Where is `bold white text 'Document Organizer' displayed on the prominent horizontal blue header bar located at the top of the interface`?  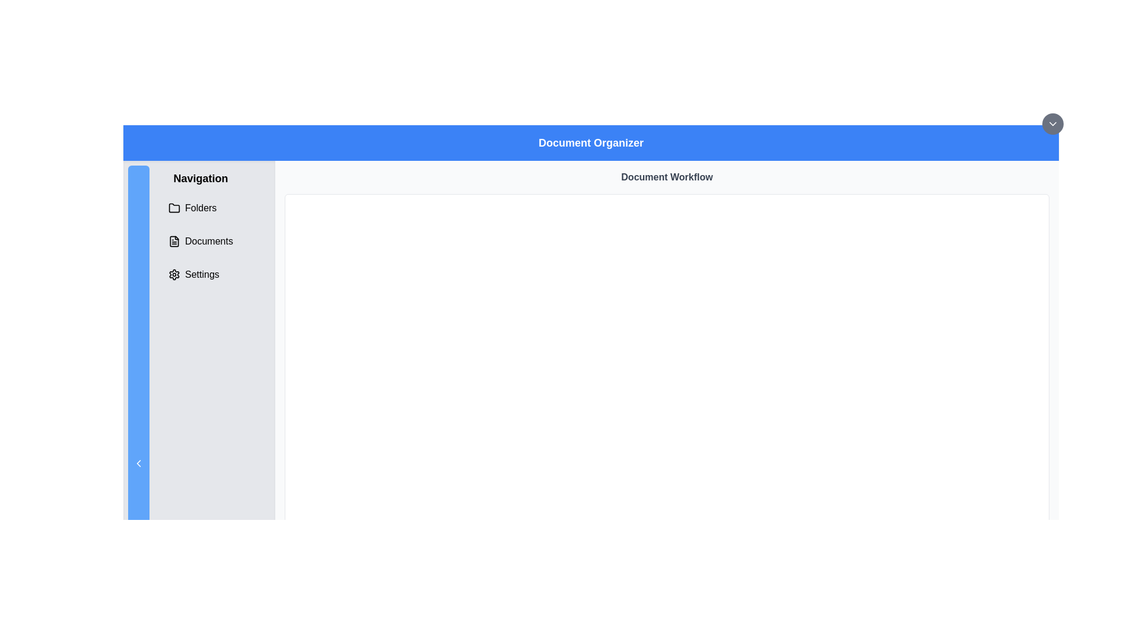 bold white text 'Document Organizer' displayed on the prominent horizontal blue header bar located at the top of the interface is located at coordinates (591, 142).